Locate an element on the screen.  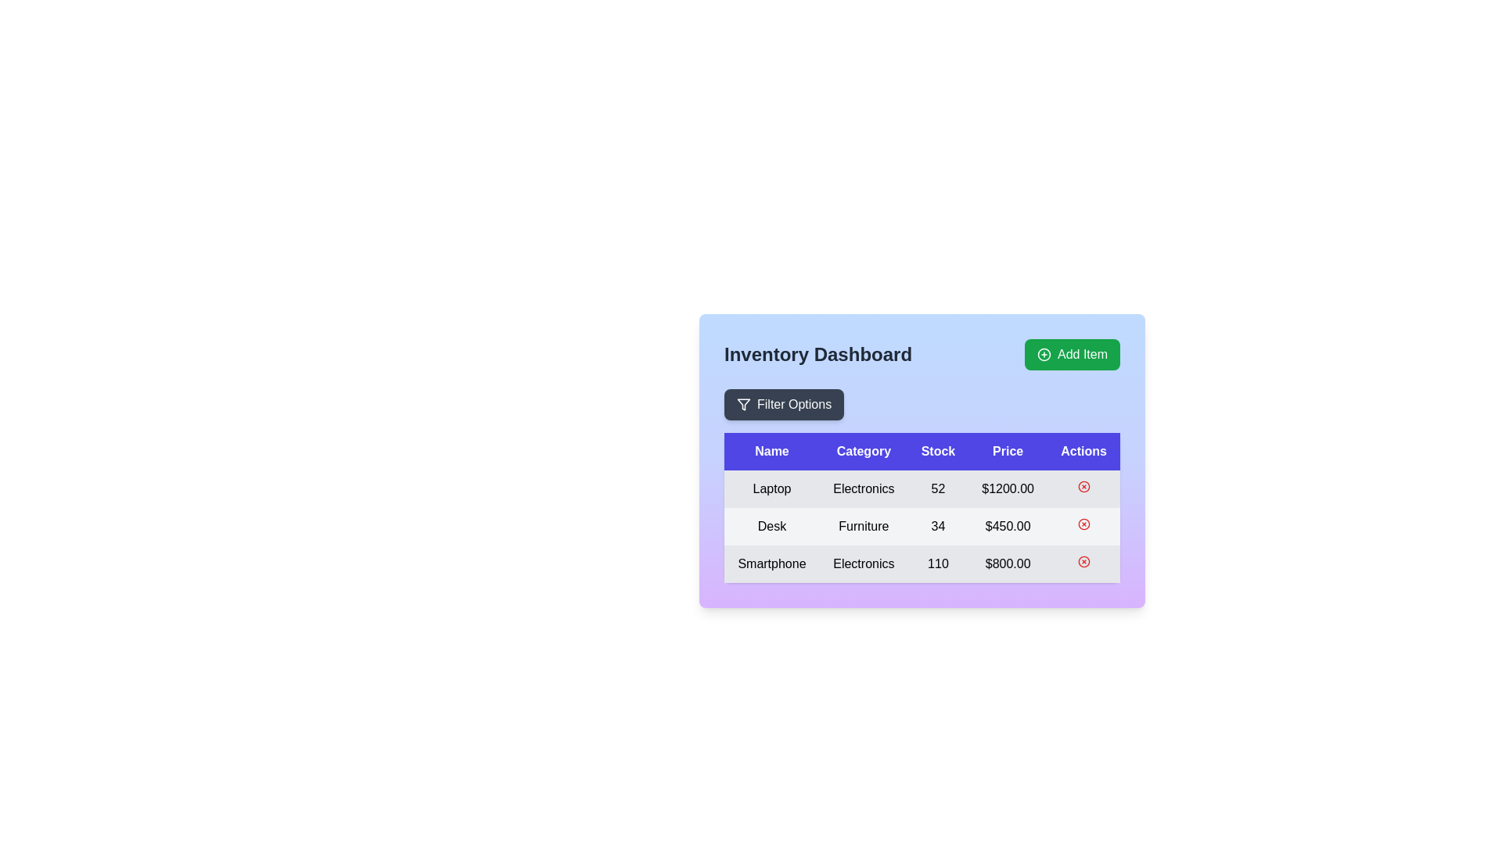
the bright green rectangular button with rounded edges labeled 'Add Item' is located at coordinates (1072, 355).